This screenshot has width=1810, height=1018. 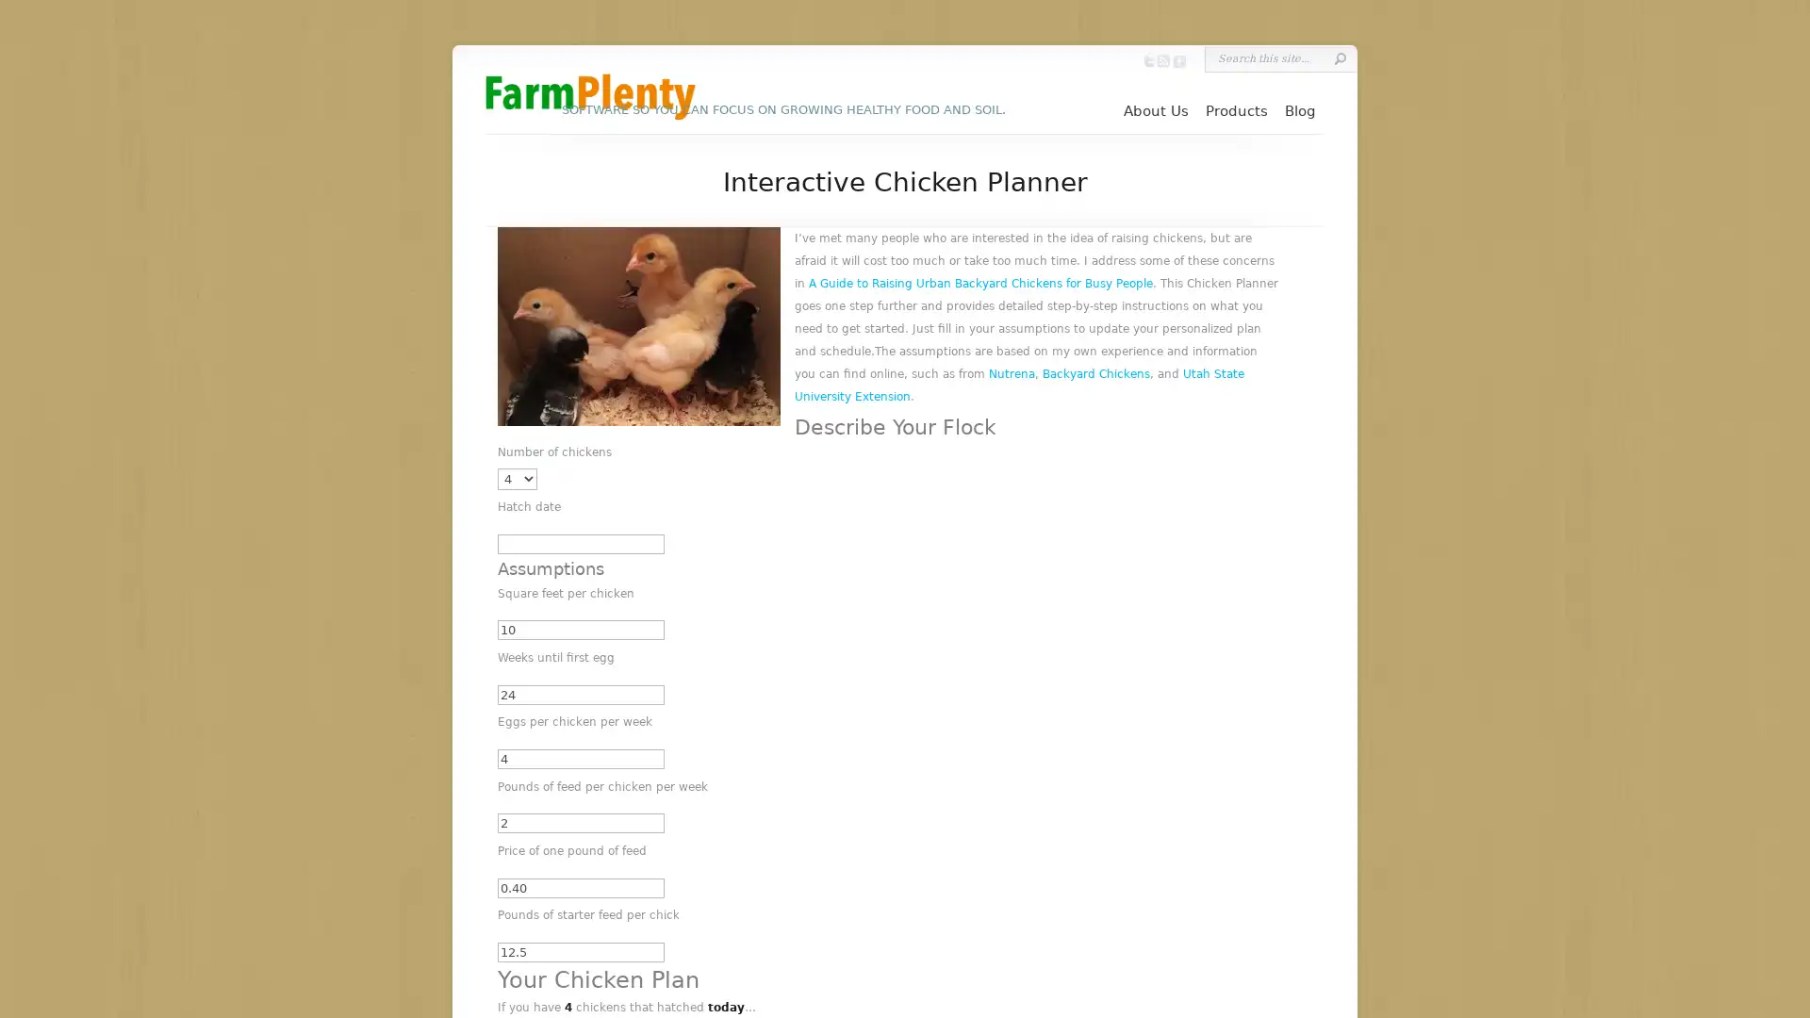 I want to click on Submit, so click(x=1339, y=57).